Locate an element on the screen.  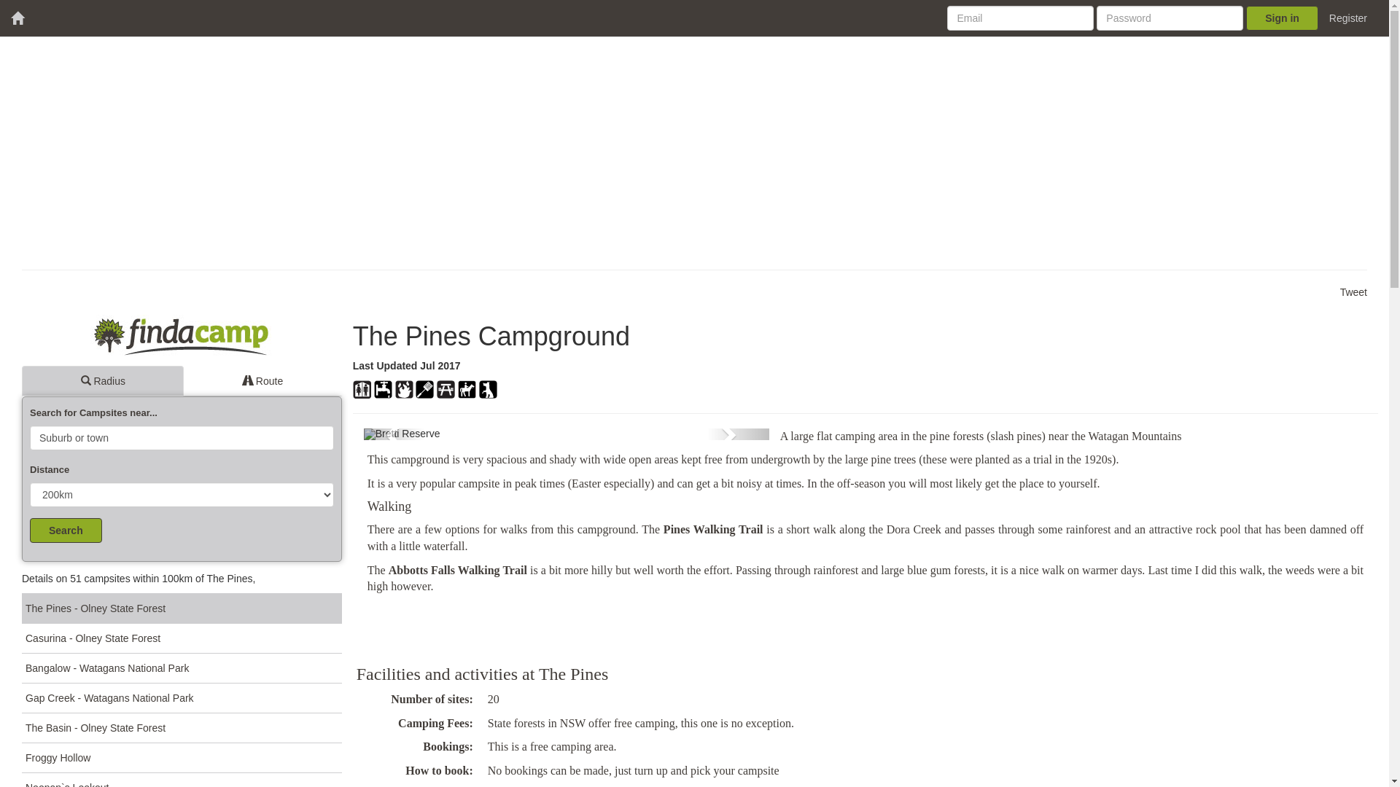
'Gap Creek - Watagans National Park' is located at coordinates (181, 697).